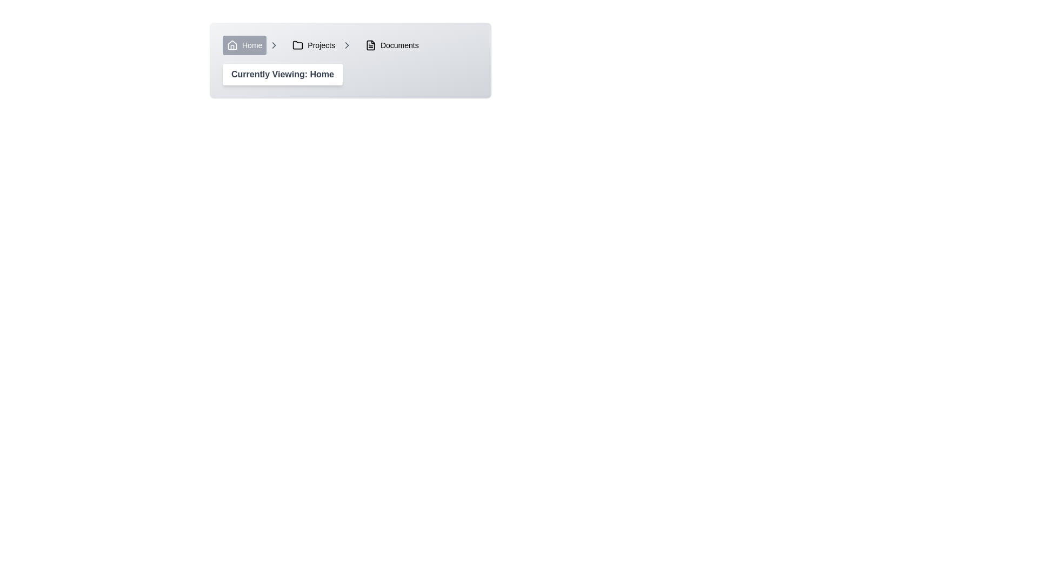 The width and height of the screenshot is (1038, 584). I want to click on the 'Documents' button in the breadcrumb navigation bar, so click(391, 45).